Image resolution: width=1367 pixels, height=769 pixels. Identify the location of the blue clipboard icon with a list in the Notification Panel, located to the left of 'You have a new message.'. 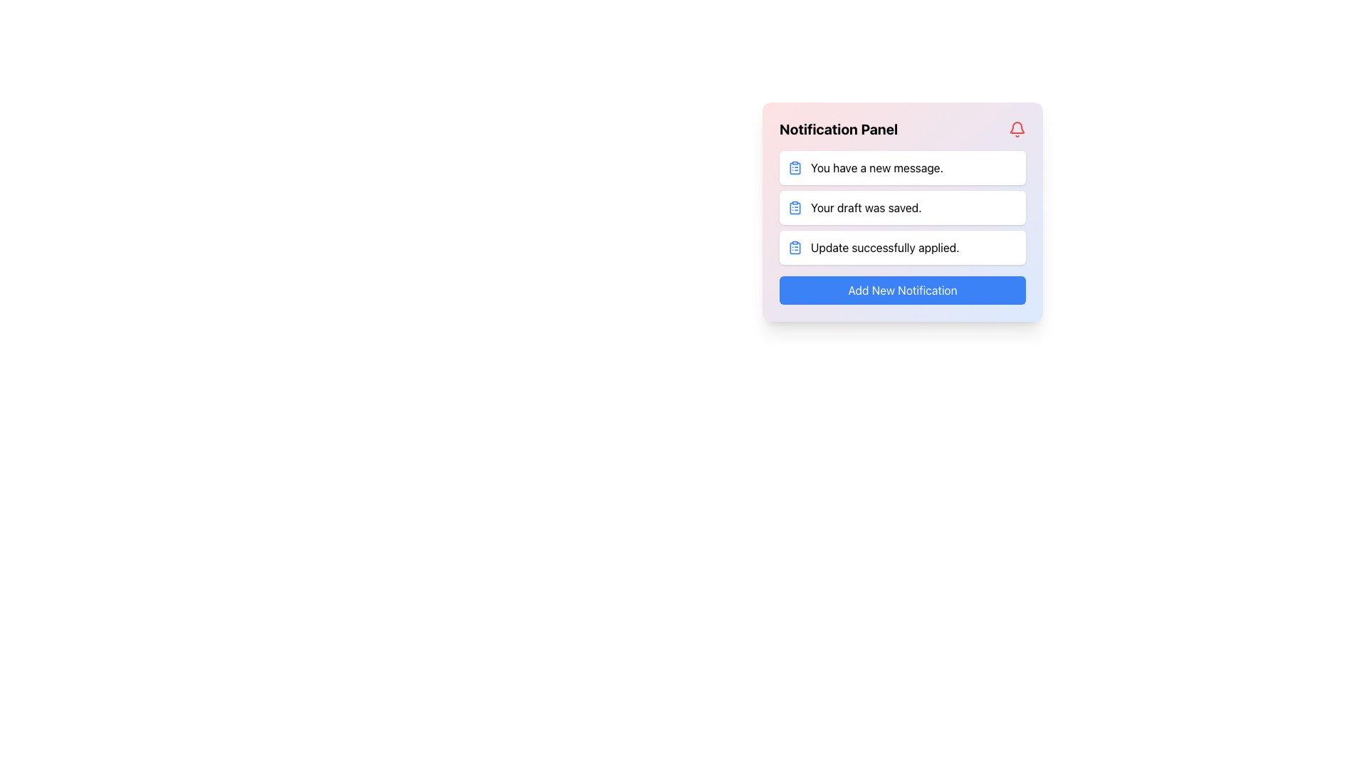
(795, 167).